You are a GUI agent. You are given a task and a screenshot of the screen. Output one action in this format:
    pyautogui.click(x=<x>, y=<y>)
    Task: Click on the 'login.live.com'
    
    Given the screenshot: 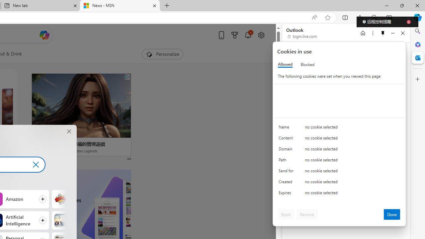 What is the action you would take?
    pyautogui.click(x=302, y=37)
    